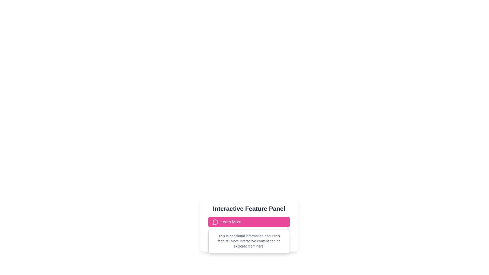 The height and width of the screenshot is (275, 489). I want to click on the Text Block that provides additional descriptive information about the feature, positioned centrally within the white panel below the pink 'Learn More' button and the heading 'Interactive Feature Panel.', so click(249, 241).